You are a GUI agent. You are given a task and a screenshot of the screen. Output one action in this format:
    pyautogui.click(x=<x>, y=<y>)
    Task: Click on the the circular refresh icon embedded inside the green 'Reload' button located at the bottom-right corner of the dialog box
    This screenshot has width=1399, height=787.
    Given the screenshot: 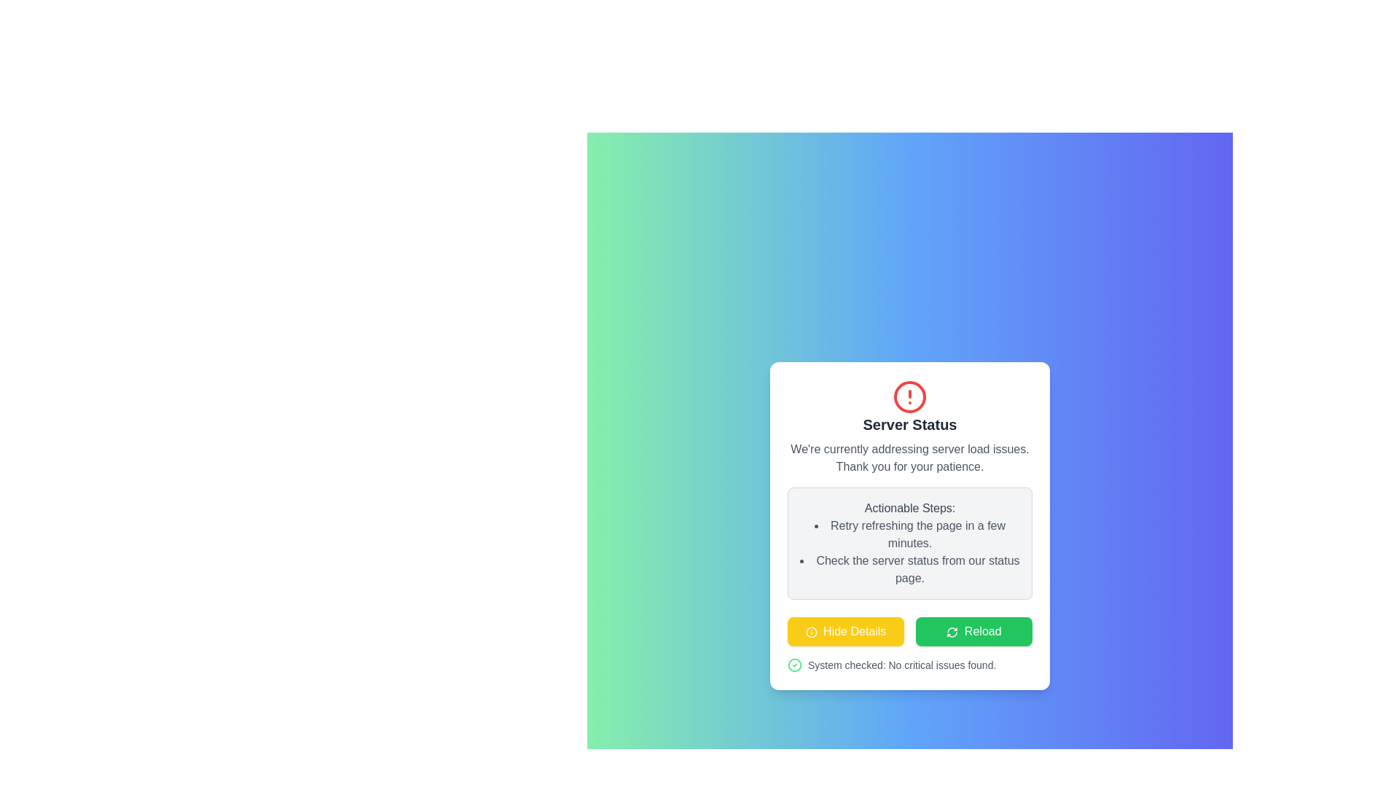 What is the action you would take?
    pyautogui.click(x=952, y=631)
    